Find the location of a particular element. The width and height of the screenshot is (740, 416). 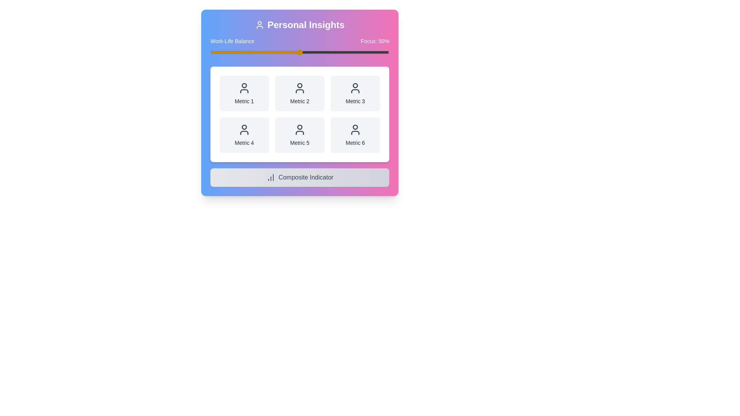

the slider to set the focus percentage to 61 is located at coordinates (320, 52).